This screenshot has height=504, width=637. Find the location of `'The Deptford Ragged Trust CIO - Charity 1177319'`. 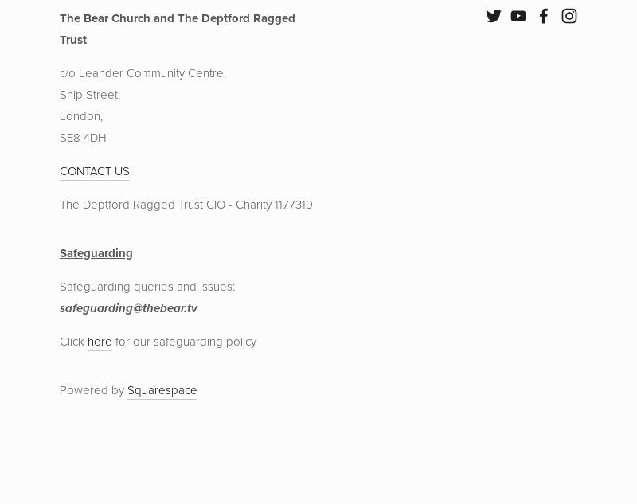

'The Deptford Ragged Trust CIO - Charity 1177319' is located at coordinates (186, 204).